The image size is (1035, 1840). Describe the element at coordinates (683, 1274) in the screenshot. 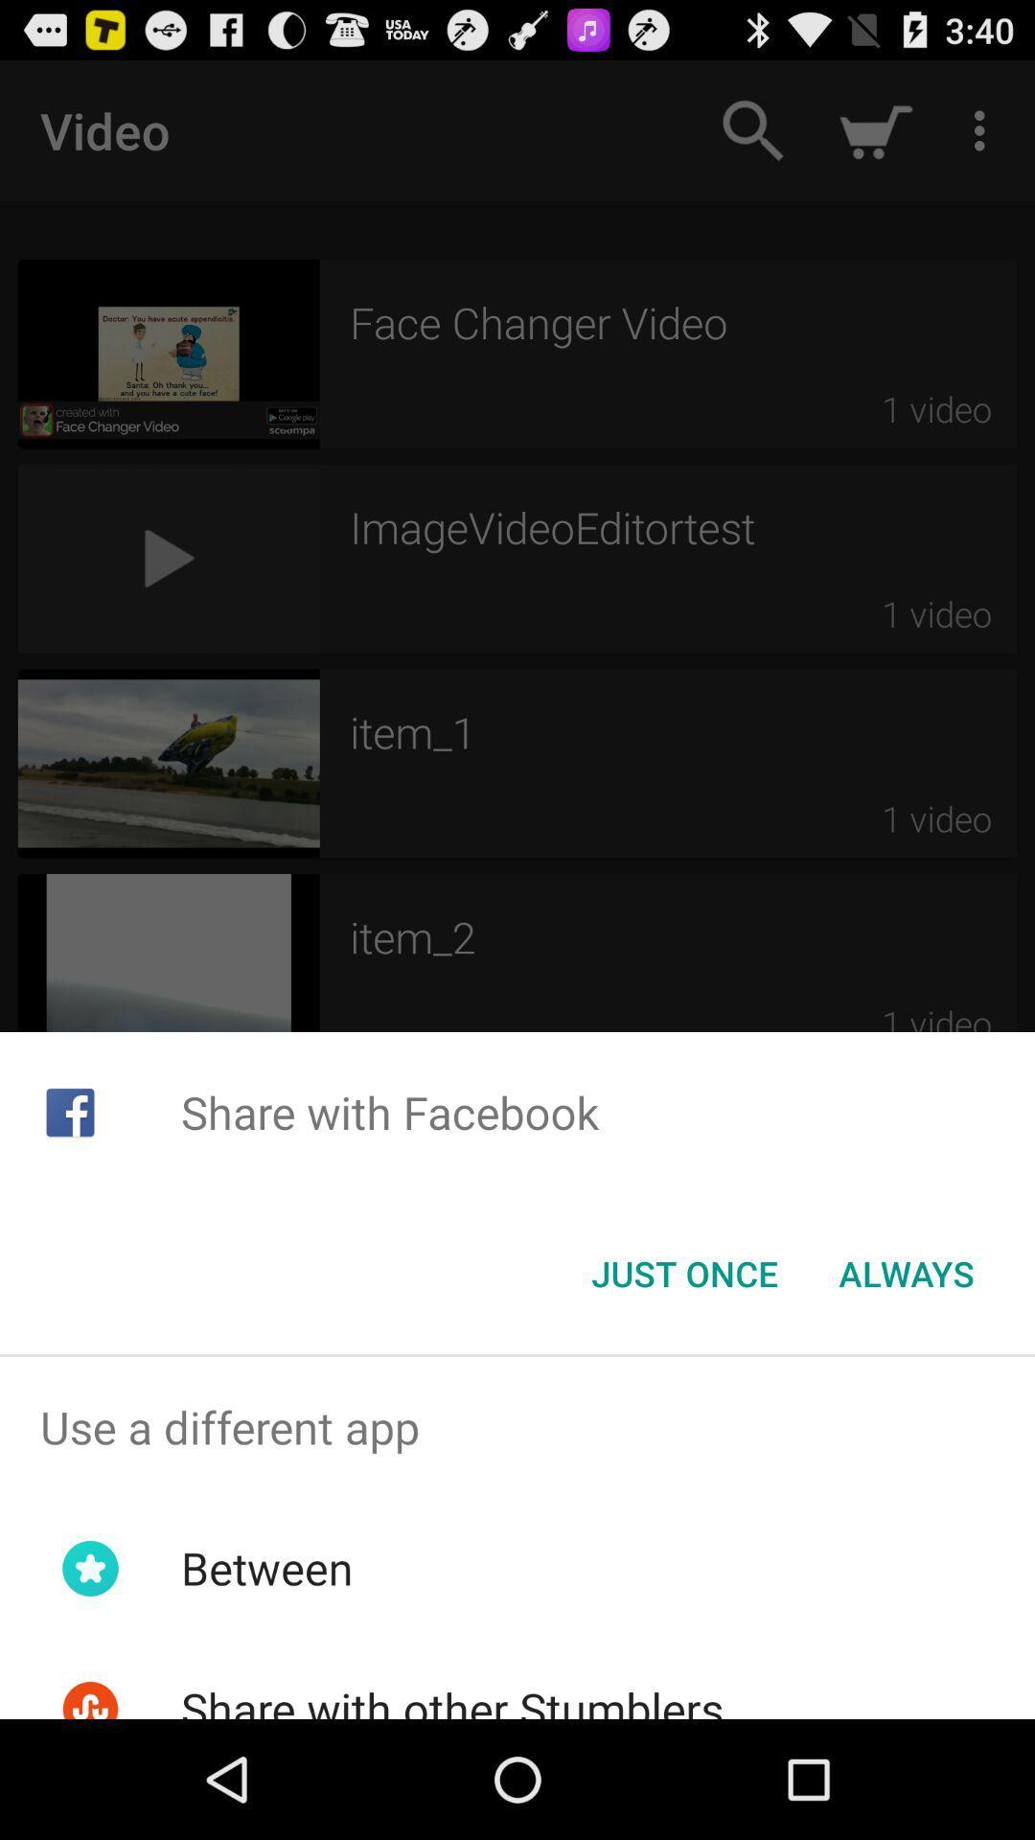

I see `item to the left of the always button` at that location.